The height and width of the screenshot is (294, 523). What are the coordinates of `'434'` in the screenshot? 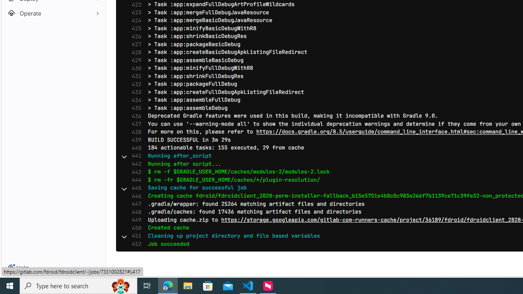 It's located at (134, 100).